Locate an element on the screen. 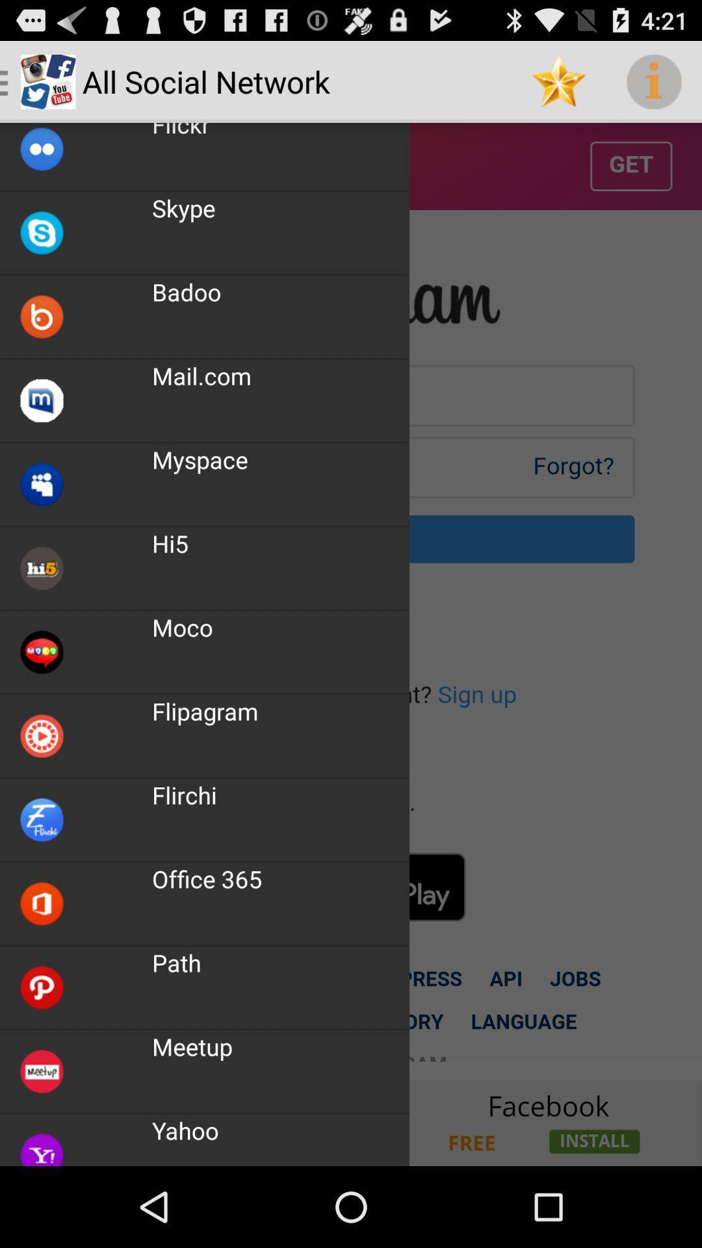 This screenshot has height=1248, width=702. path app is located at coordinates (176, 963).